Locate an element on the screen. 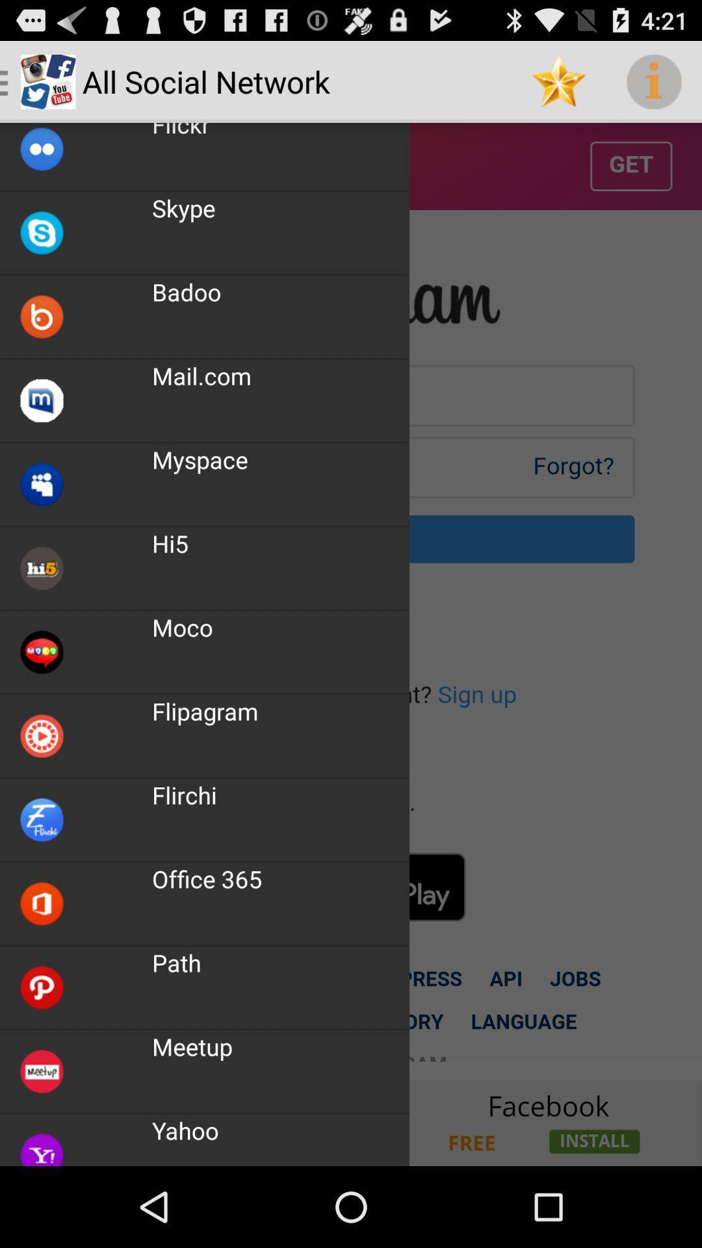 This screenshot has height=1248, width=702. path app is located at coordinates (176, 963).